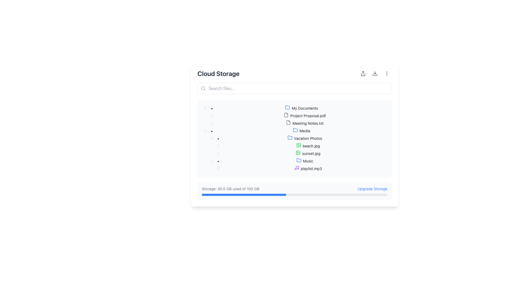 This screenshot has height=291, width=518. What do you see at coordinates (287, 115) in the screenshot?
I see `the document file icon representing 'Project Proposal.pdf' located on the left side of the label in the file tree structure under 'My Documents'` at bounding box center [287, 115].